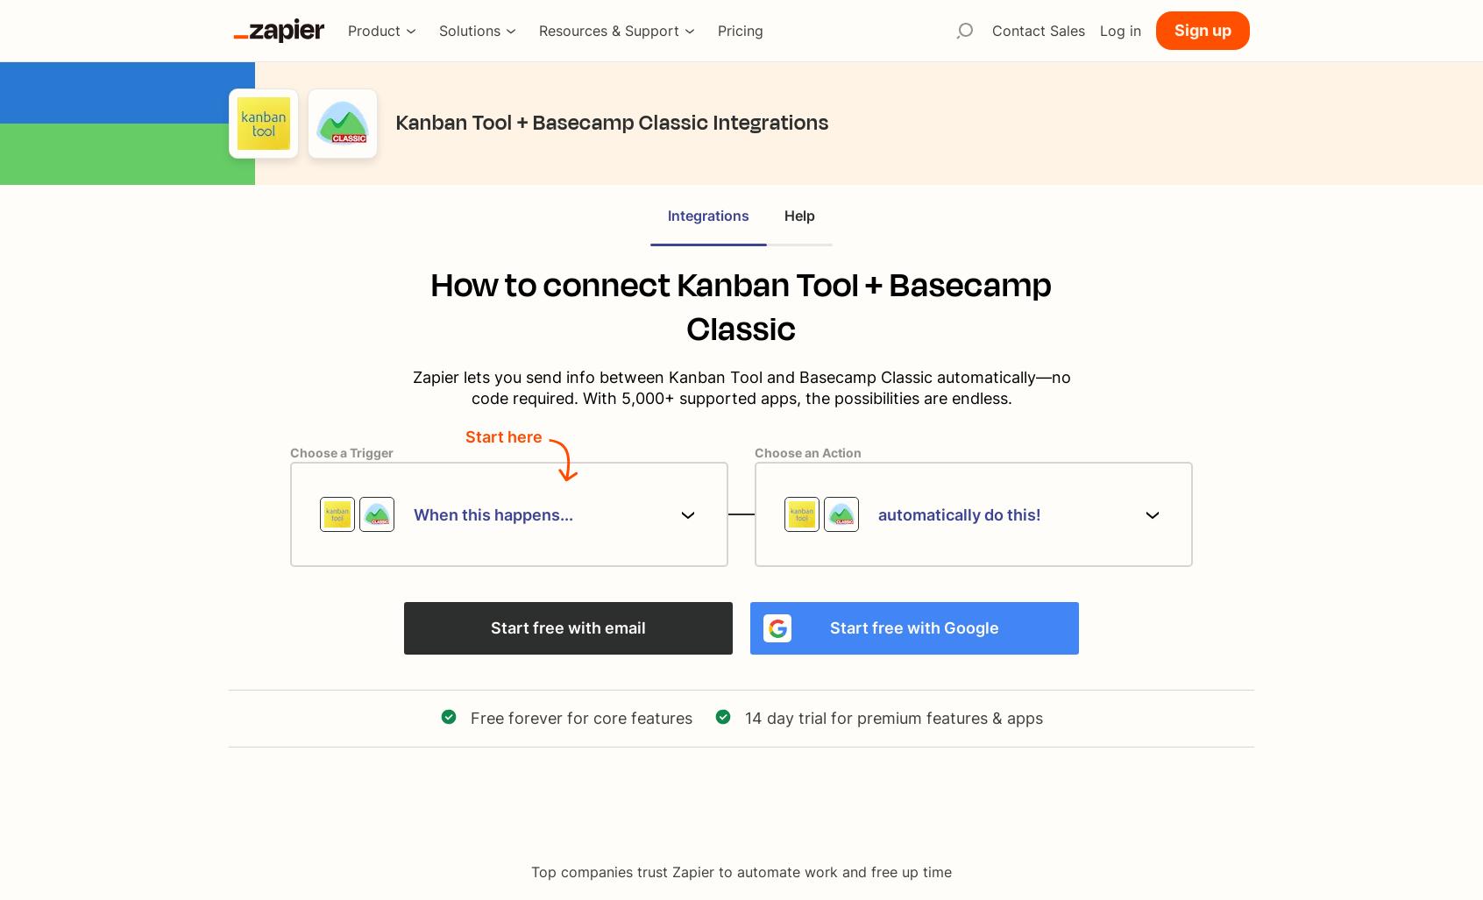 The height and width of the screenshot is (900, 1483). I want to click on 'for premium features & apps', so click(934, 718).